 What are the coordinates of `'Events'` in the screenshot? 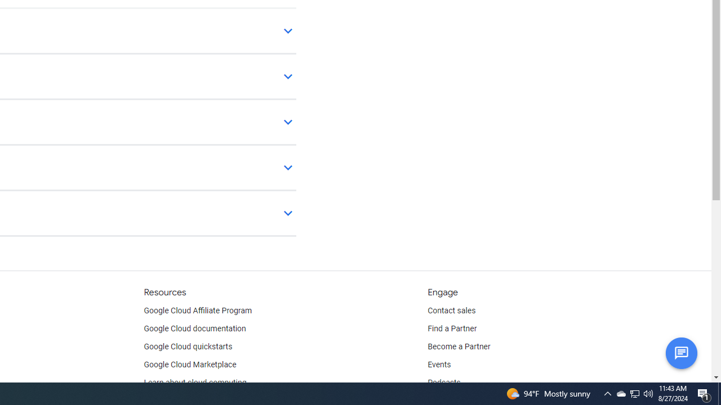 It's located at (439, 365).